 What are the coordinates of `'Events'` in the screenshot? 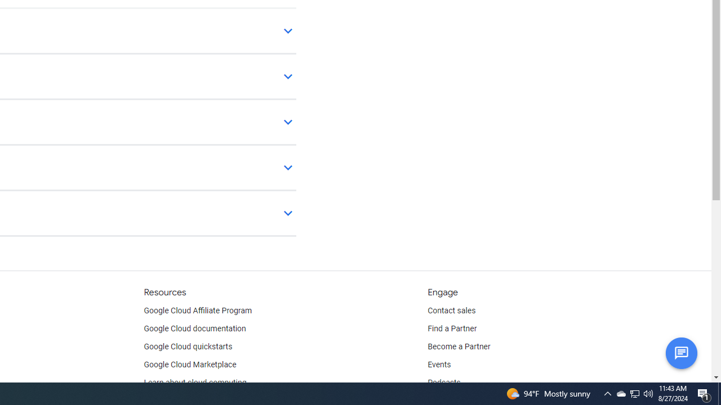 It's located at (439, 365).